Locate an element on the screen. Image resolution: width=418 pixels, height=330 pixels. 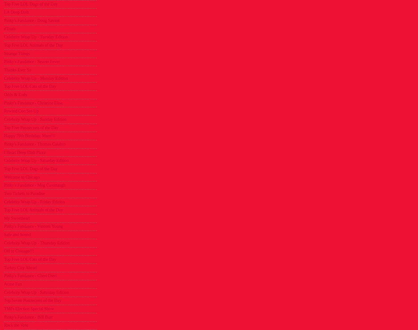
'Top Five Postsecrets of the Day' is located at coordinates (31, 127).